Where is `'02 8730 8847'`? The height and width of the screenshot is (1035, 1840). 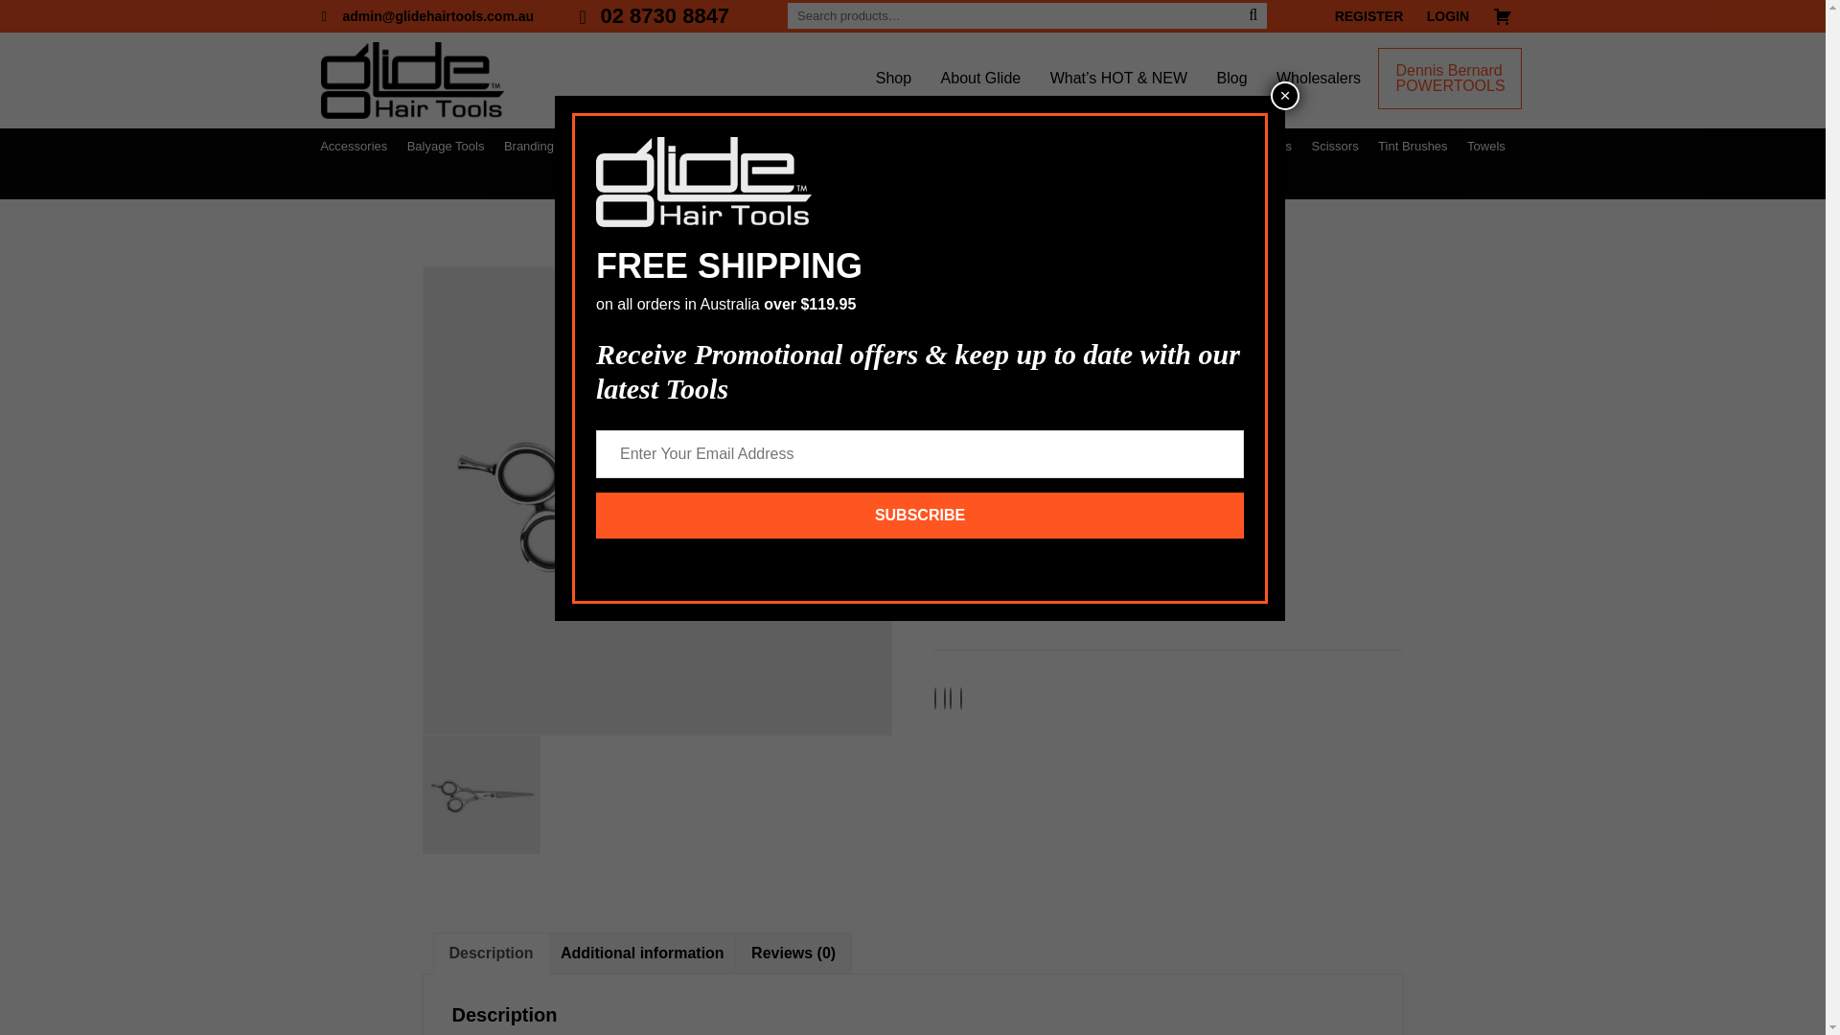 '02 8730 8847' is located at coordinates (655, 15).